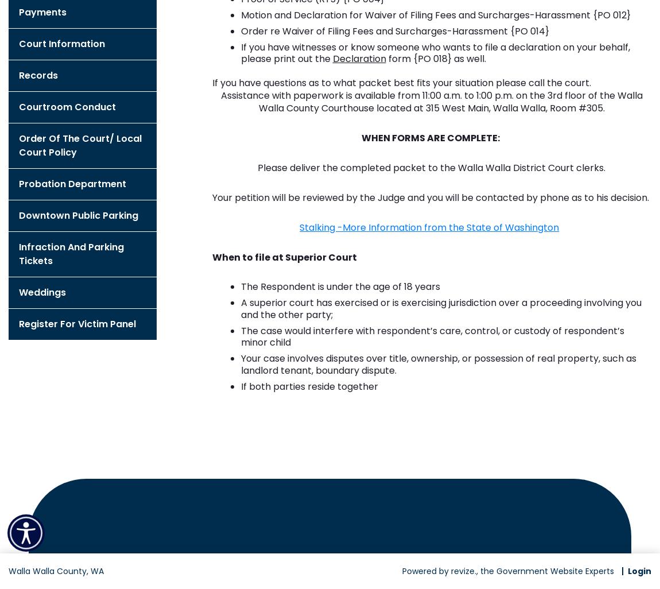  What do you see at coordinates (358, 58) in the screenshot?
I see `'Declaration'` at bounding box center [358, 58].